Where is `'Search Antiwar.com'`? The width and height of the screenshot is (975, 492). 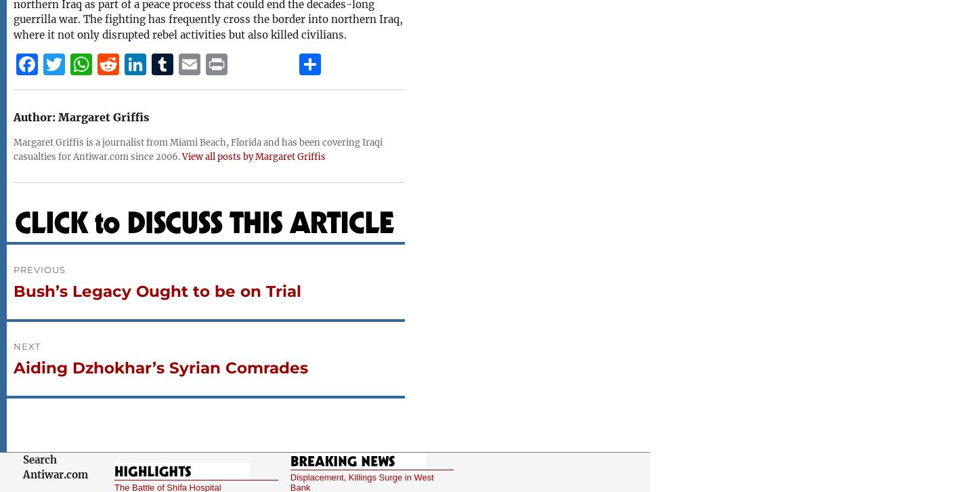
'Search Antiwar.com' is located at coordinates (55, 466).